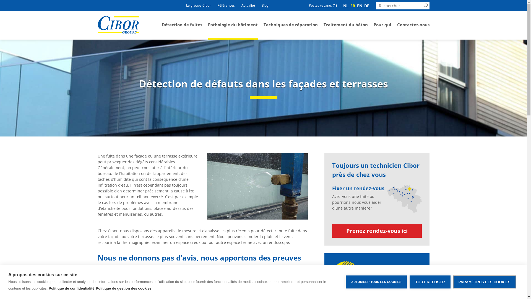  Describe the element at coordinates (363, 280) in the screenshot. I see `'014 570 330'` at that location.